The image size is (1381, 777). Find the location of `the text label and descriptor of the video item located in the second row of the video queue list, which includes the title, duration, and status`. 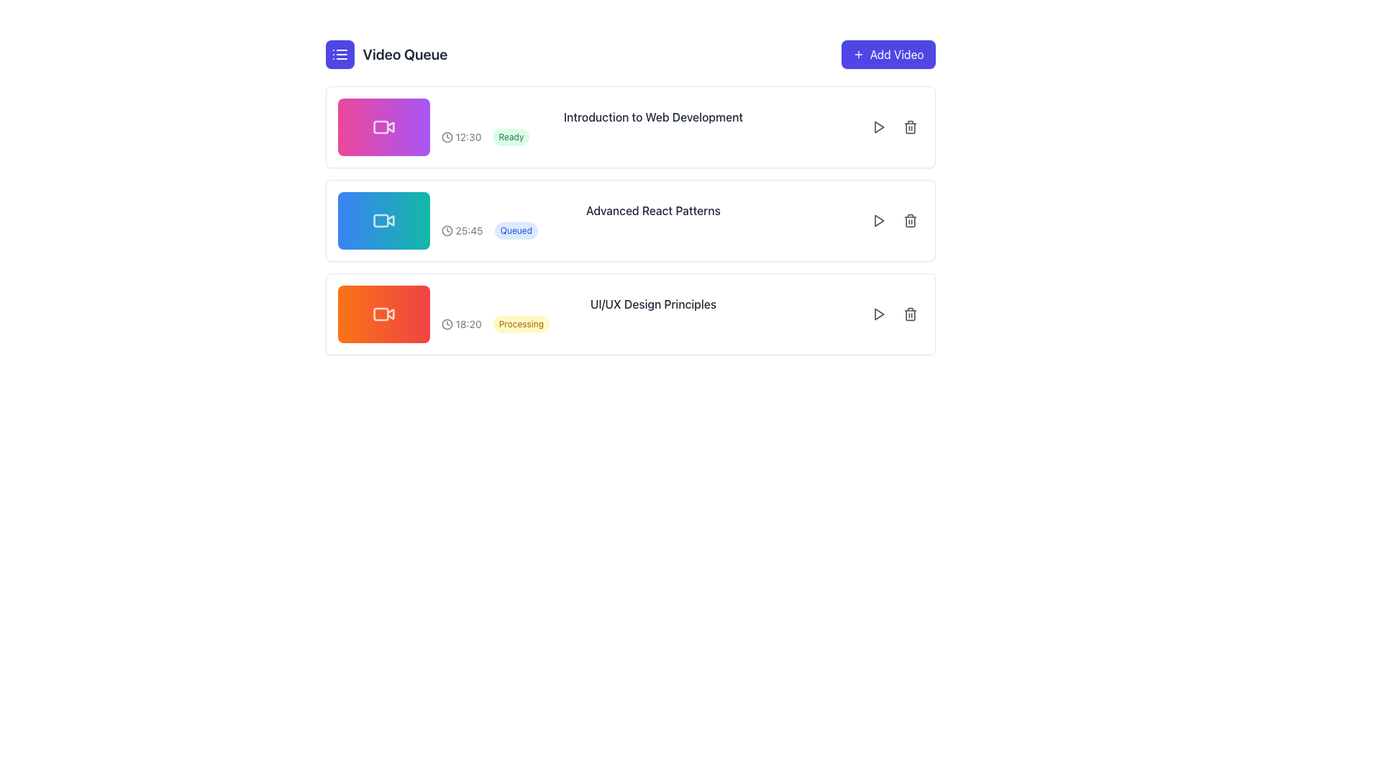

the text label and descriptor of the video item located in the second row of the video queue list, which includes the title, duration, and status is located at coordinates (652, 221).